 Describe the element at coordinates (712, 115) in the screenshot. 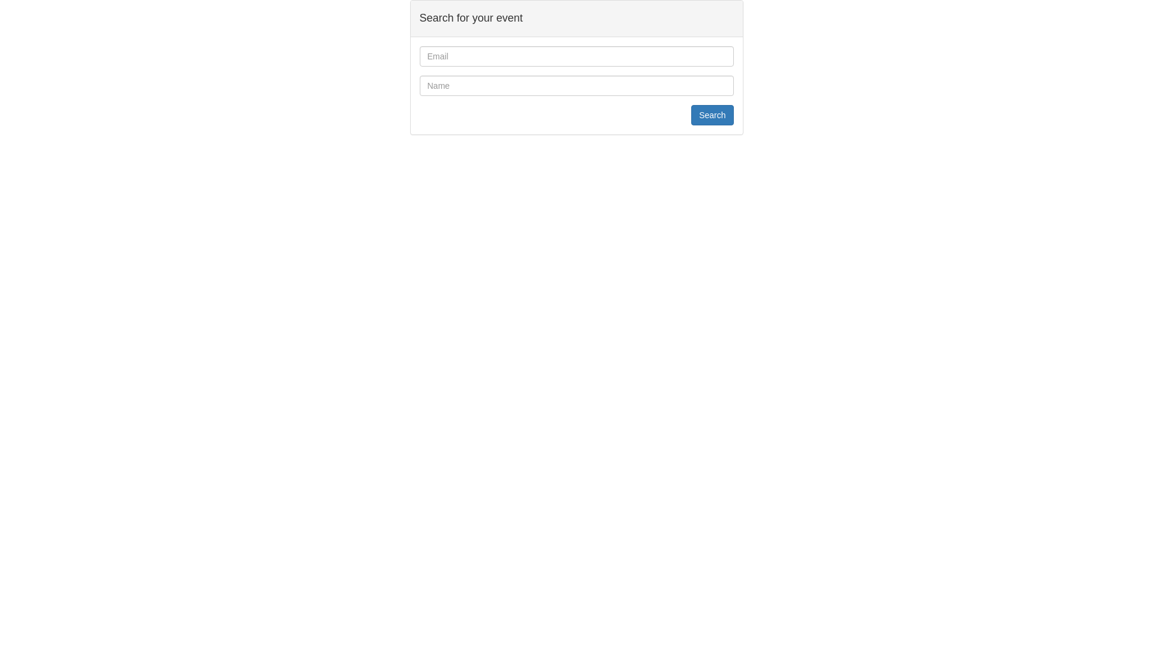

I see `'Search'` at that location.